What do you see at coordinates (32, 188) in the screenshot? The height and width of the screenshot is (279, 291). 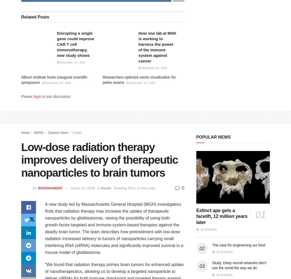 I see `'by'` at bounding box center [32, 188].